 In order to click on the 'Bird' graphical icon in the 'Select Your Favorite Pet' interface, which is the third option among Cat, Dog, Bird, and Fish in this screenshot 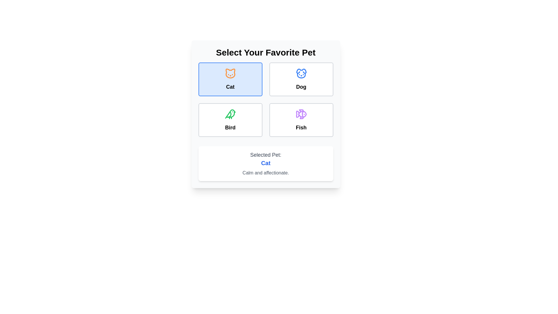, I will do `click(229, 114)`.